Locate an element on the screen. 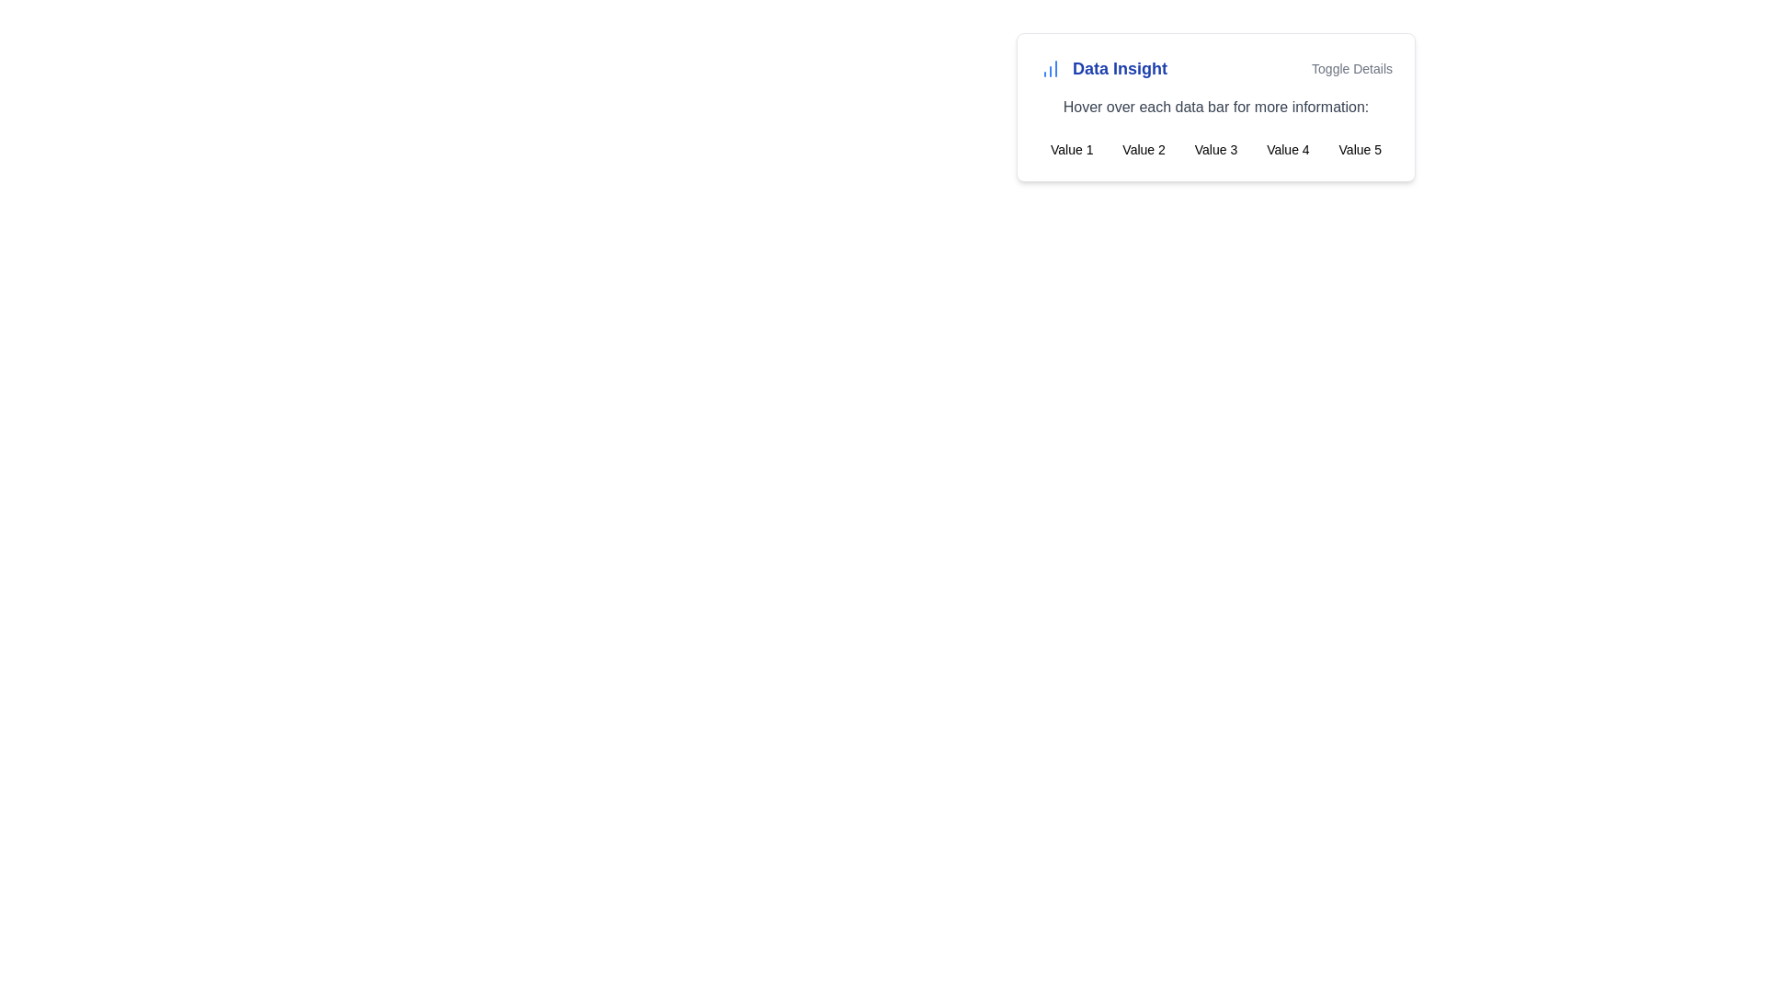 The height and width of the screenshot is (993, 1765). the text label indicating 'Value 5', which serves as a category or data point in a grid of similar labels is located at coordinates (1360, 144).